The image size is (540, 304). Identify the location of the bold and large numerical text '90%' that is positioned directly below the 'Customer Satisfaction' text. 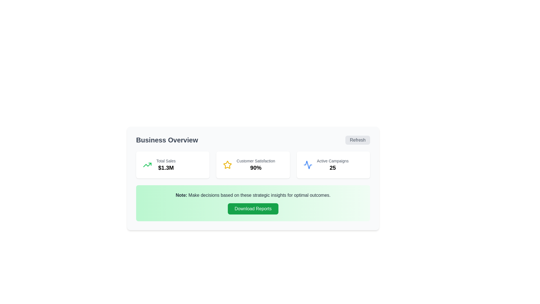
(255, 167).